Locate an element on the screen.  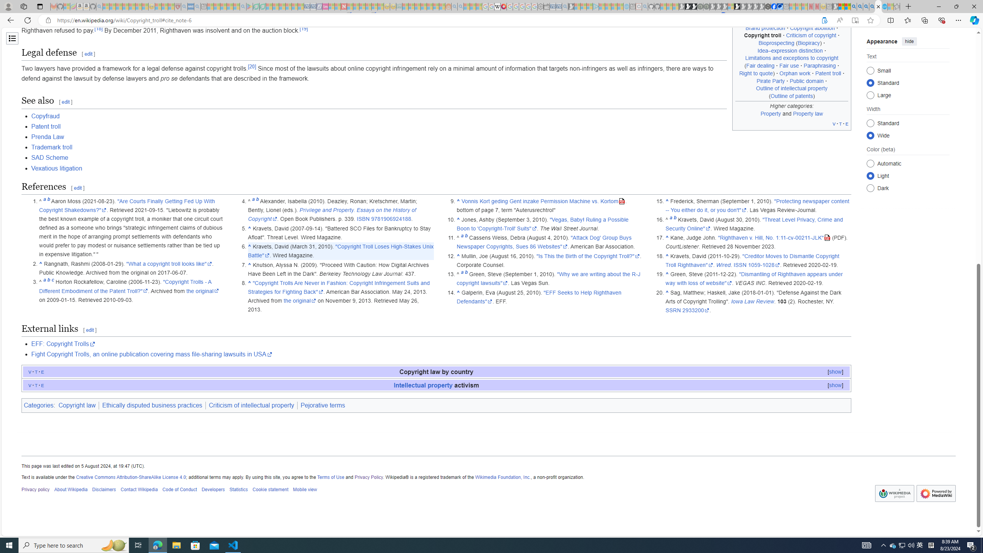
'Large' is located at coordinates (870, 94).